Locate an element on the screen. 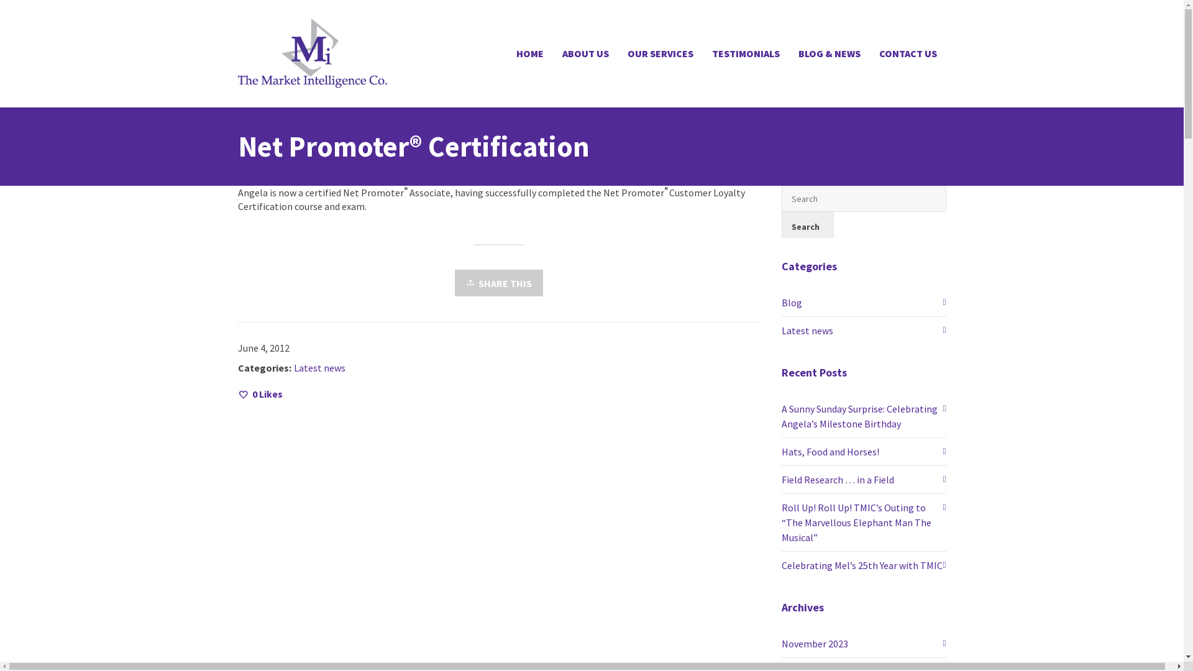  'HOME' is located at coordinates (530, 52).